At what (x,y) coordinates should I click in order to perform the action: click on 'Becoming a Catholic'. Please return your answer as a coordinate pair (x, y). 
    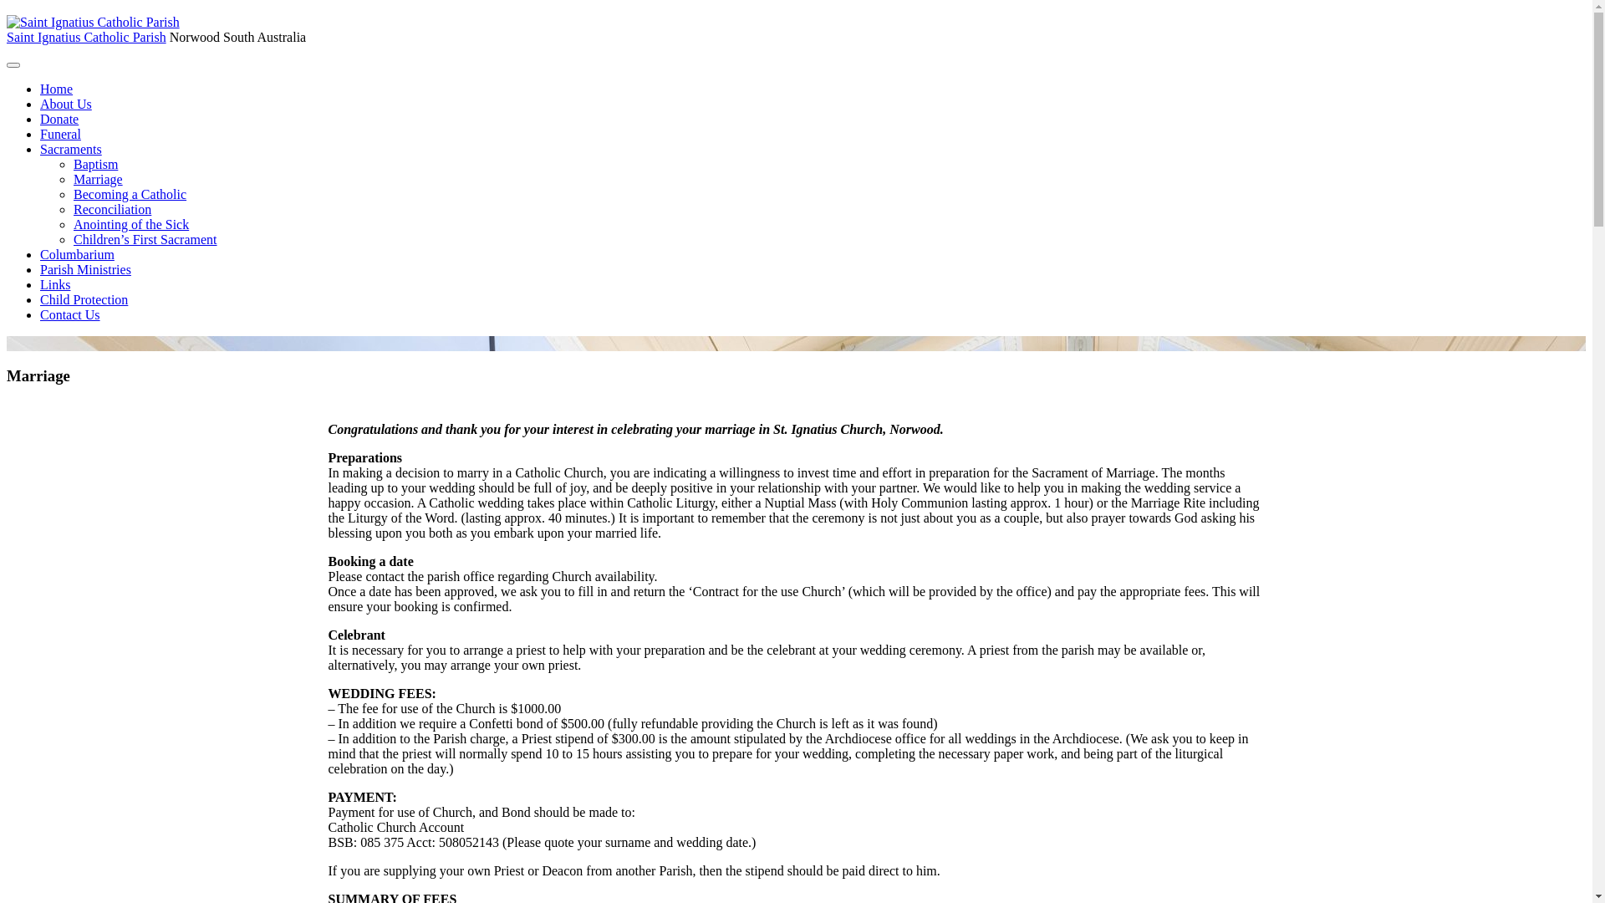
    Looking at the image, I should click on (72, 193).